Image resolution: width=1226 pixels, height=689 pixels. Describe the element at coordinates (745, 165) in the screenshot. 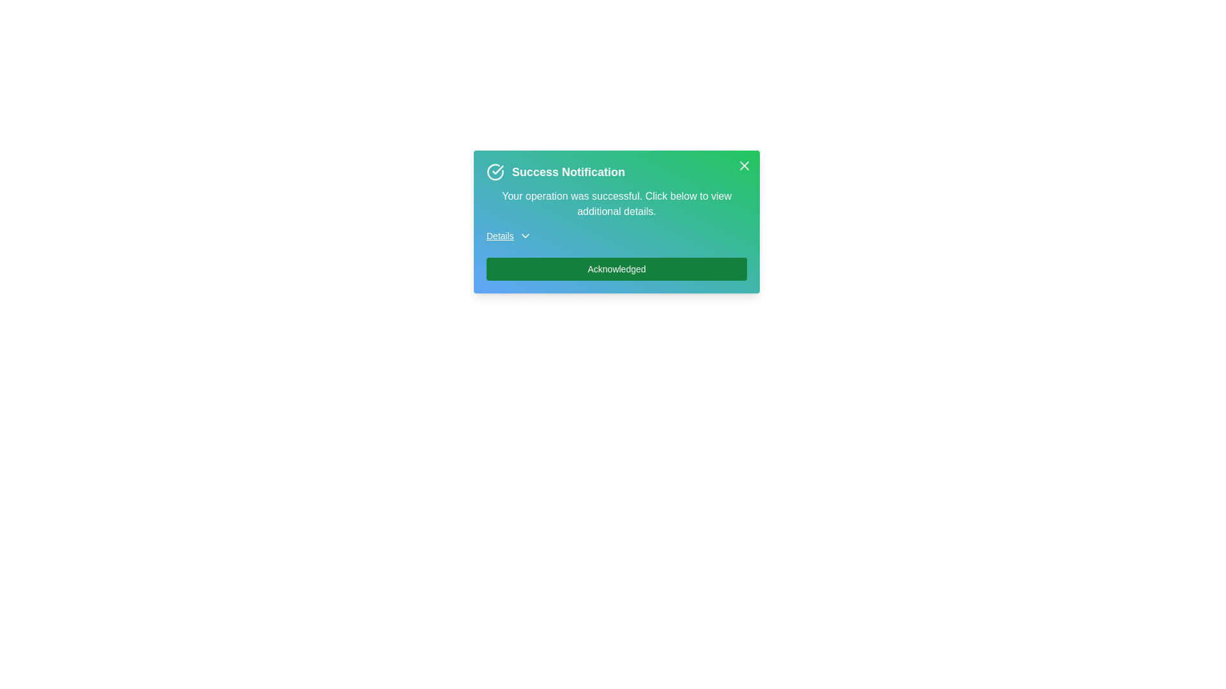

I see `the close button to dismiss the alert` at that location.